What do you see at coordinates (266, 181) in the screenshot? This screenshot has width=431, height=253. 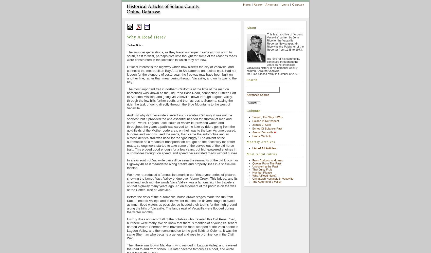 I see `'The Autumn of a Valley'` at bounding box center [266, 181].